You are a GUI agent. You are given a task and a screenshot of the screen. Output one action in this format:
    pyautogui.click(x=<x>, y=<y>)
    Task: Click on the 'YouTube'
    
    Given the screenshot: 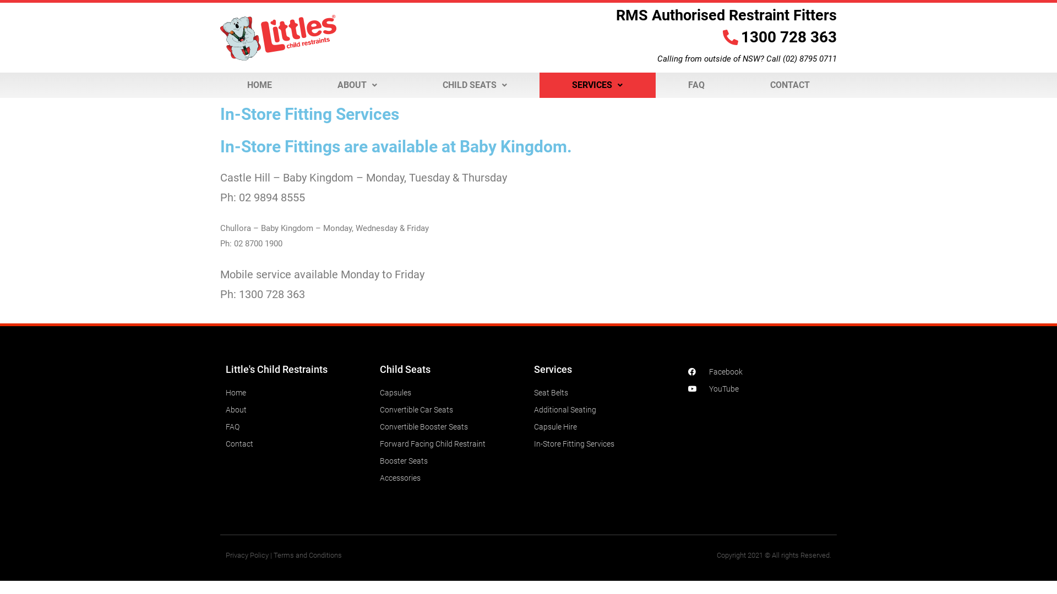 What is the action you would take?
    pyautogui.click(x=759, y=388)
    